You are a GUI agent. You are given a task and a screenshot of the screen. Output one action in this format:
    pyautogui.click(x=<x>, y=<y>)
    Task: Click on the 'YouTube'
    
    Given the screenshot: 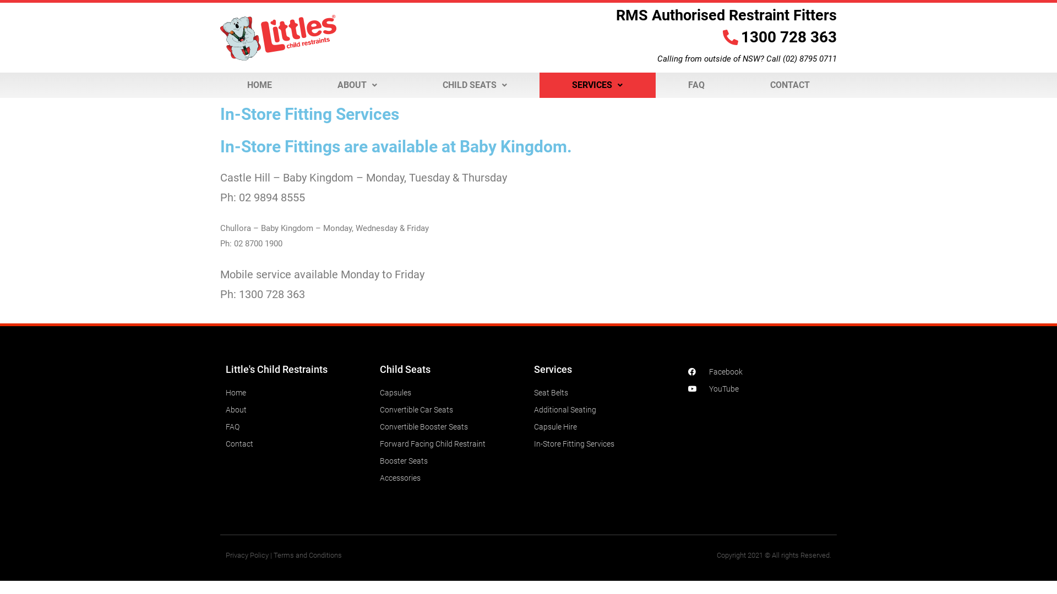 What is the action you would take?
    pyautogui.click(x=759, y=388)
    